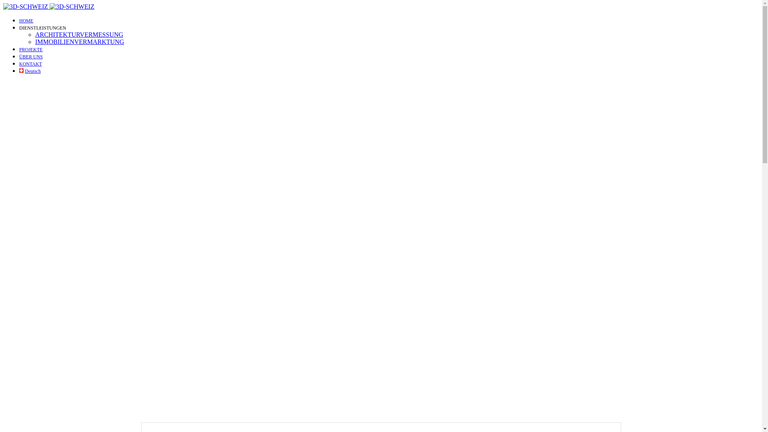  What do you see at coordinates (30, 70) in the screenshot?
I see `'Deutsch'` at bounding box center [30, 70].